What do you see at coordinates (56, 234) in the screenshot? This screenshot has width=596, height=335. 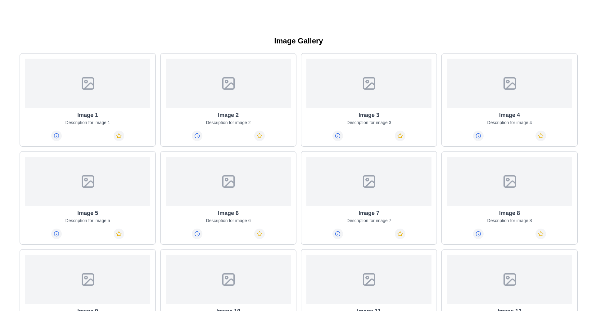 I see `the circular button with a light gray background and a blue information icon, located in the bottom-left corner under 'Image 5'` at bounding box center [56, 234].